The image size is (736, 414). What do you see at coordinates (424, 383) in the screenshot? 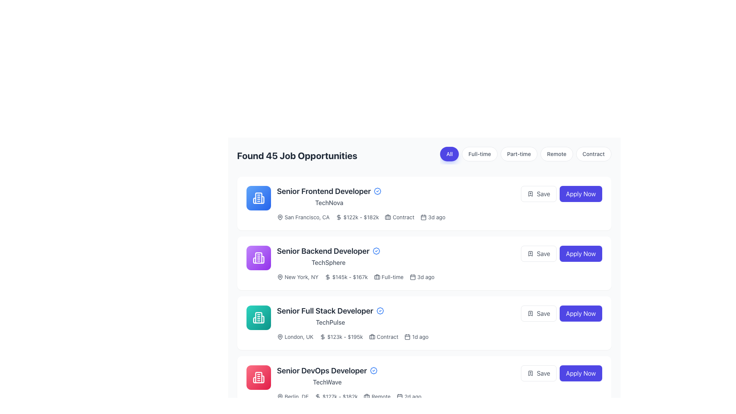
I see `the Job Listing Card that presents detailed information about a specific job opportunity, located at the bottom of the visible list of job opportunities` at bounding box center [424, 383].